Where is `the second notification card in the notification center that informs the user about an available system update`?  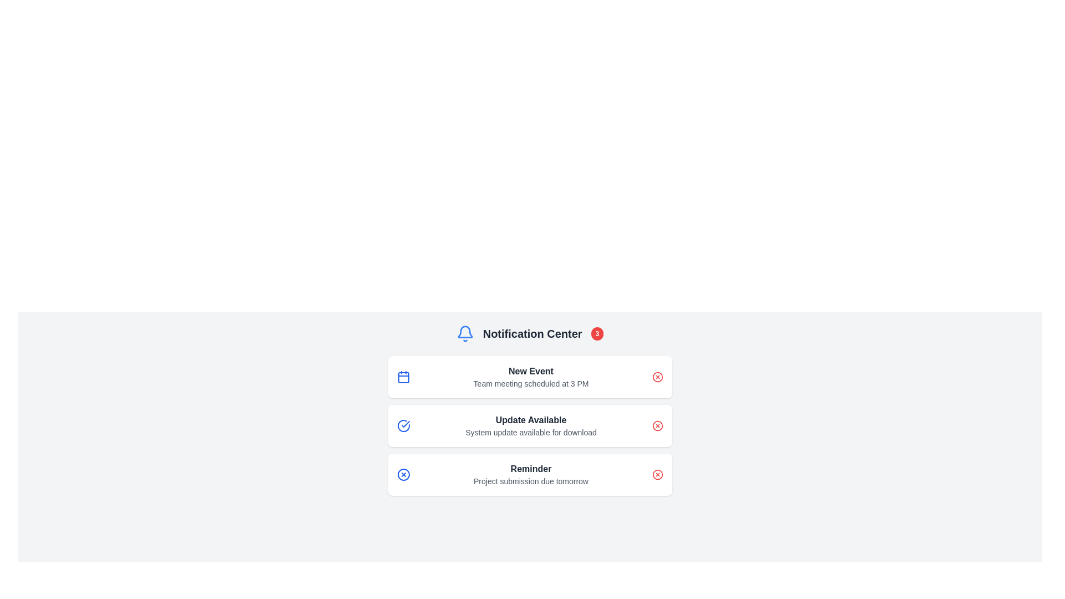 the second notification card in the notification center that informs the user about an available system update is located at coordinates (529, 425).